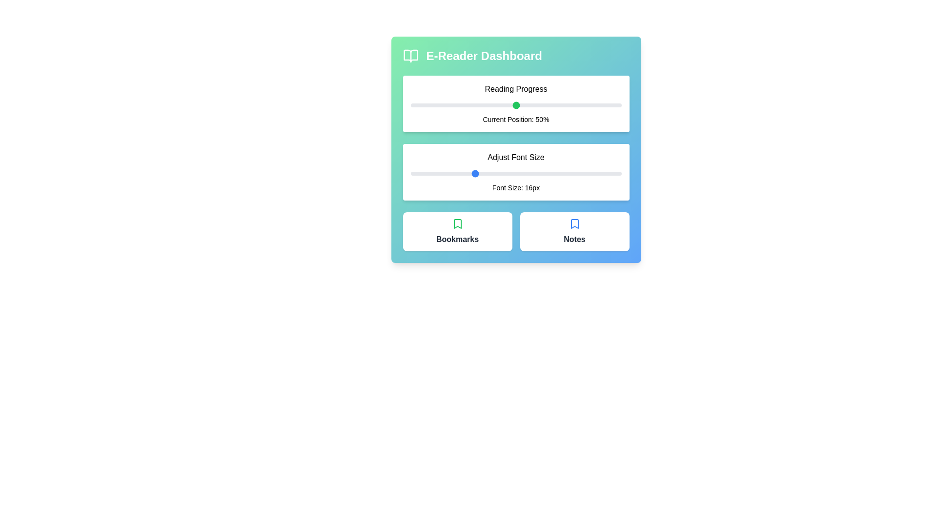  Describe the element at coordinates (419, 105) in the screenshot. I see `the reading progress slider to 4%` at that location.